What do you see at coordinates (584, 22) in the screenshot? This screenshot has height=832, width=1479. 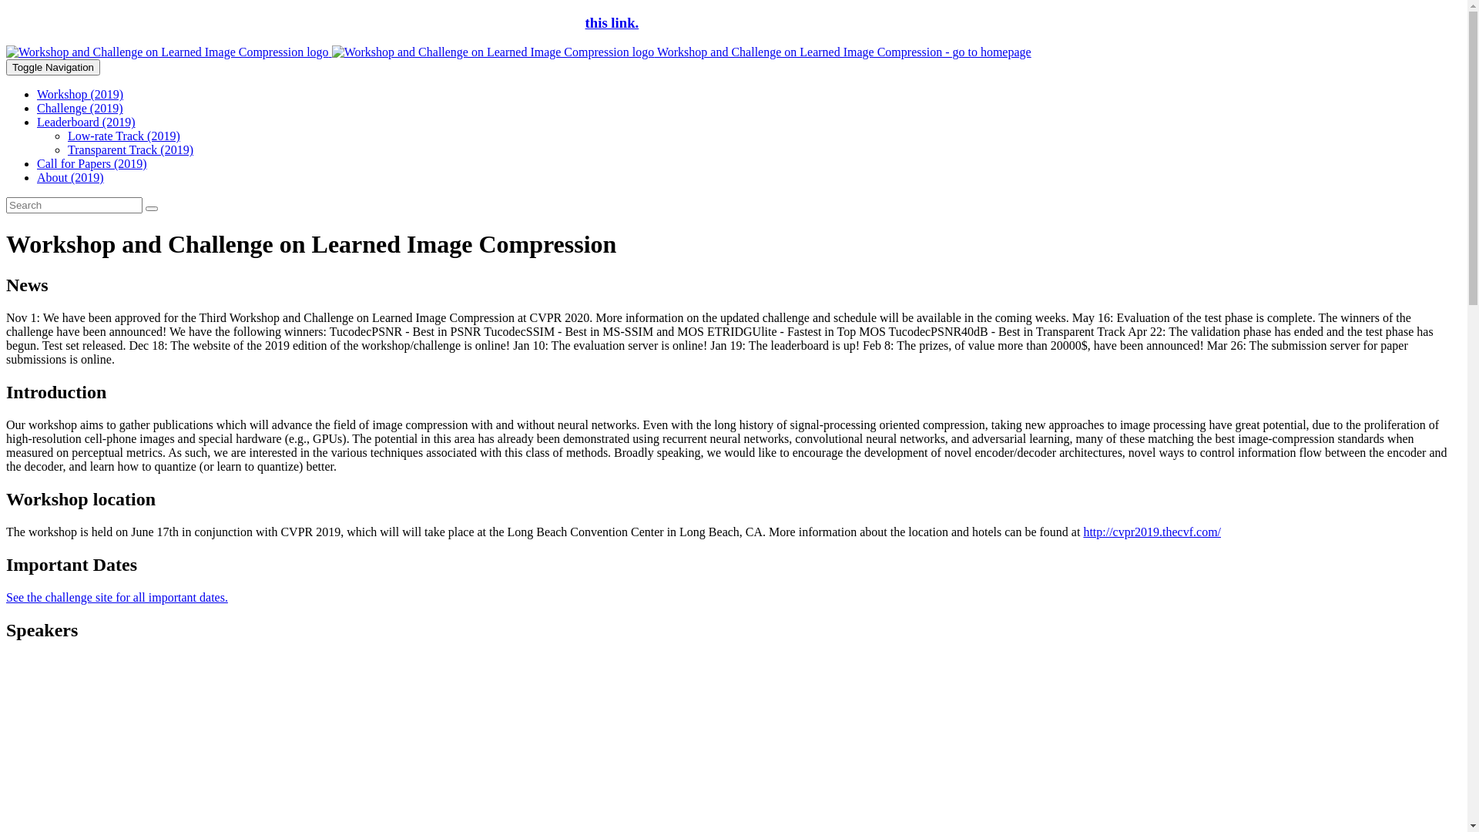 I see `'this link.'` at bounding box center [584, 22].